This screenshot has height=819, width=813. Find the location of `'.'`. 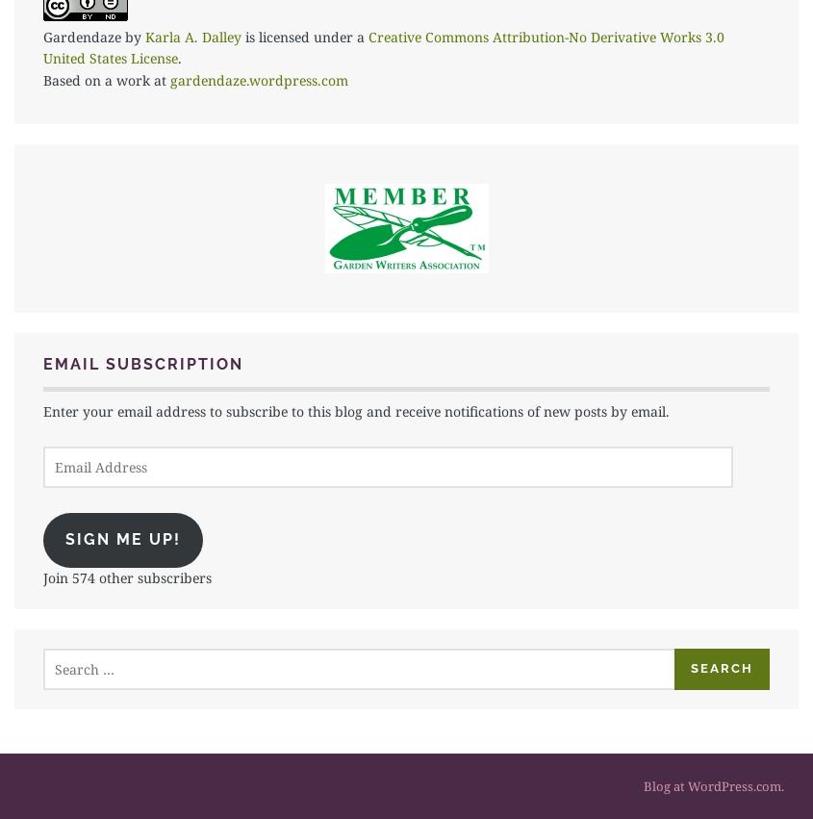

'.' is located at coordinates (178, 58).